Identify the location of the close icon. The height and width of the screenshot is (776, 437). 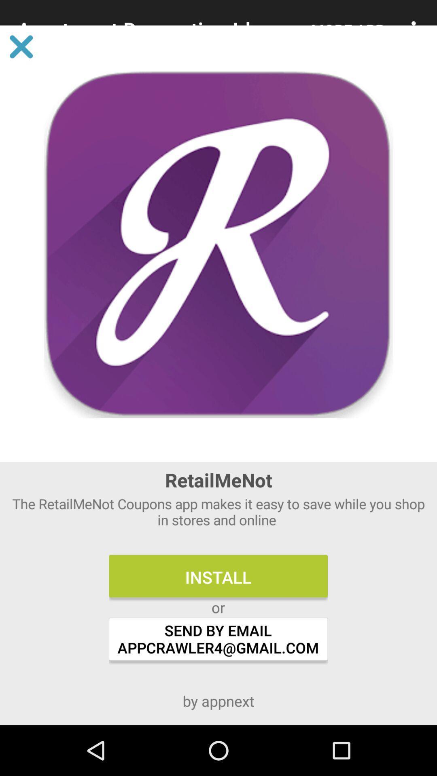
(21, 46).